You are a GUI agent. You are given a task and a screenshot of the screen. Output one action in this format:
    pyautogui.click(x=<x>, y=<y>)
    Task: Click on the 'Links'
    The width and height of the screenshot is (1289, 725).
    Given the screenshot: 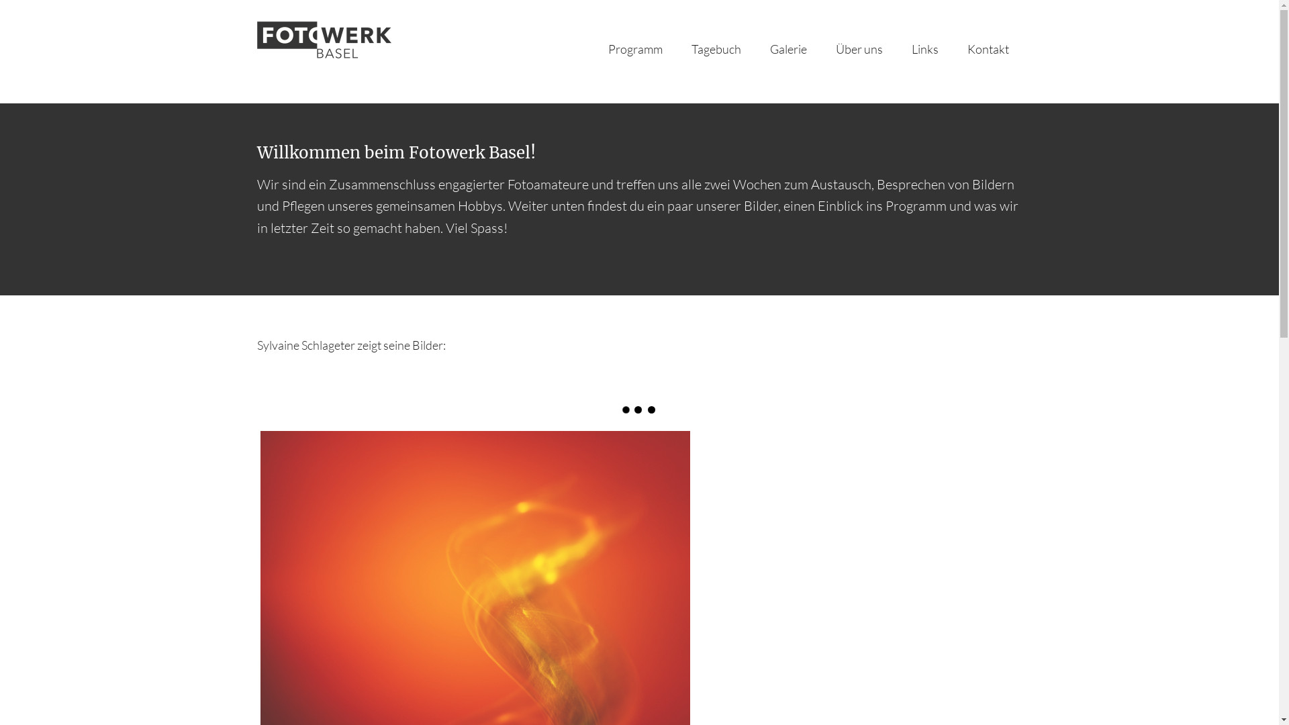 What is the action you would take?
    pyautogui.click(x=924, y=48)
    